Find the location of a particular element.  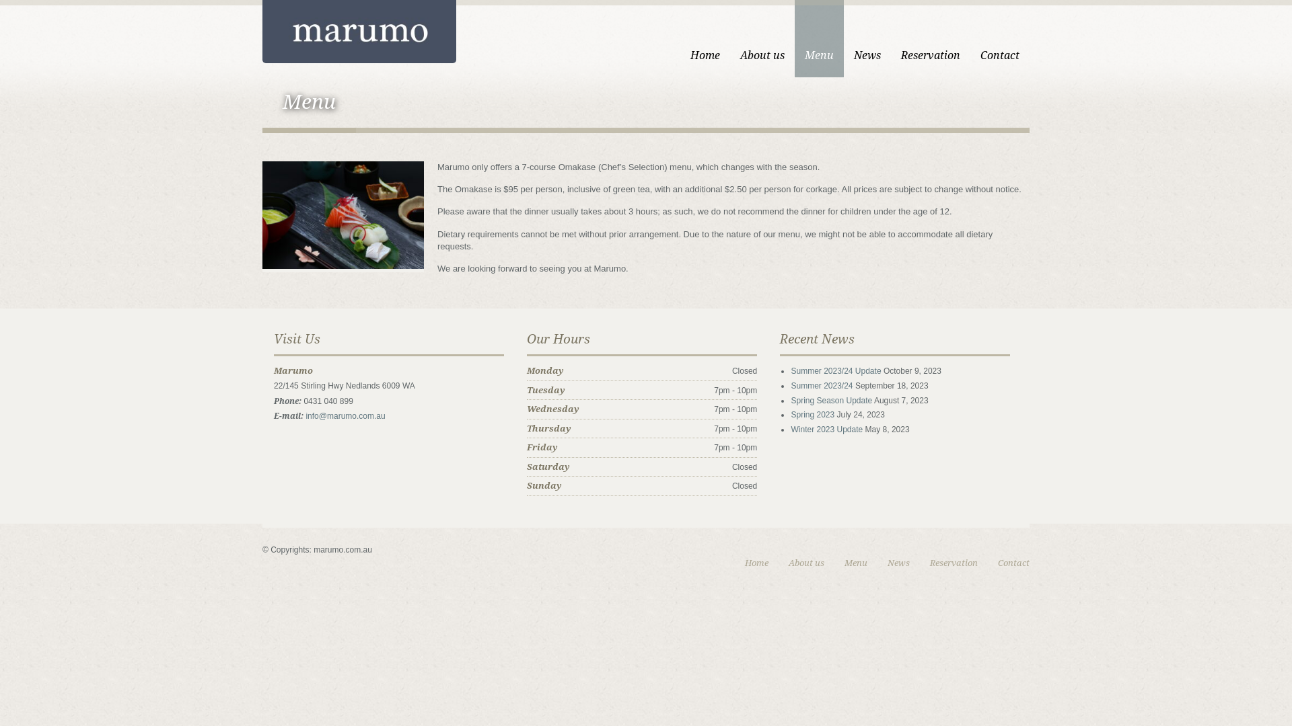

'Reservation' is located at coordinates (953, 563).